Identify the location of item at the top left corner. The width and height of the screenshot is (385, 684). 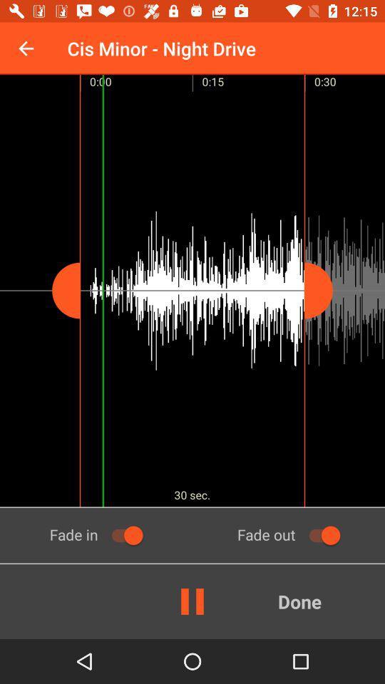
(26, 48).